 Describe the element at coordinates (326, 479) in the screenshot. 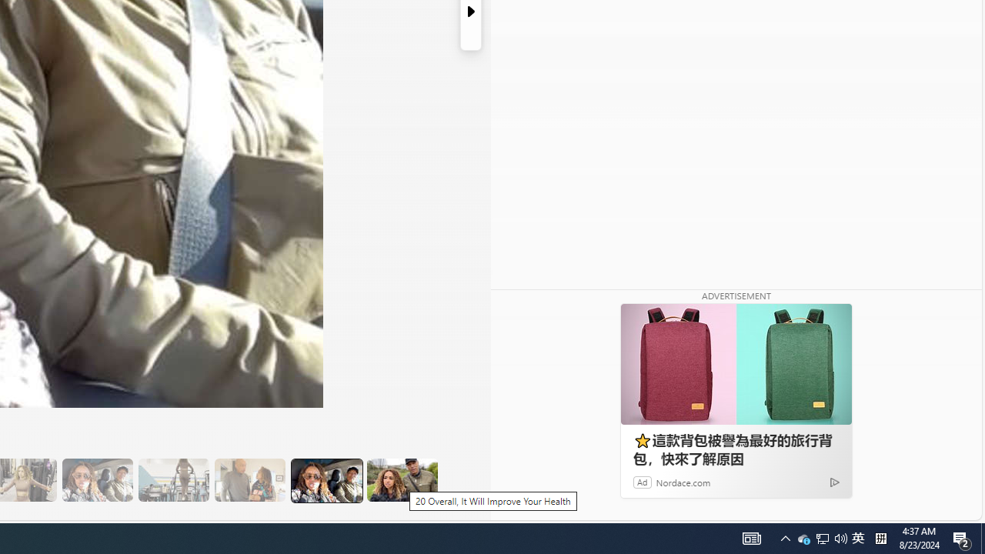

I see `'19 It Also Simplifies Thiings'` at that location.